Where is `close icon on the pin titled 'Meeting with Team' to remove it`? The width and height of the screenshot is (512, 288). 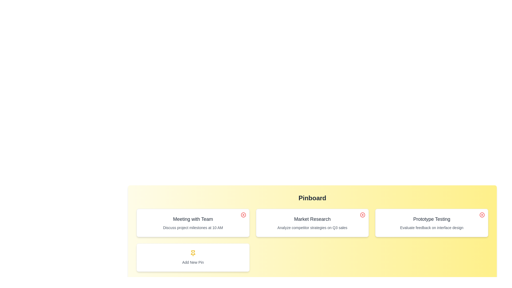 close icon on the pin titled 'Meeting with Team' to remove it is located at coordinates (243, 215).